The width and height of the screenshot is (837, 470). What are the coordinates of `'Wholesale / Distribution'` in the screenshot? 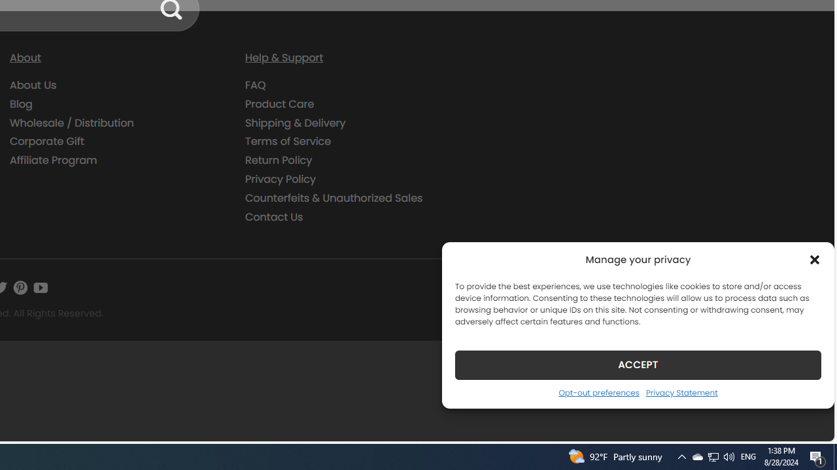 It's located at (118, 123).